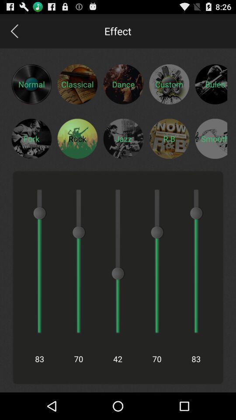 This screenshot has height=420, width=236. What do you see at coordinates (31, 148) in the screenshot?
I see `the avatar icon` at bounding box center [31, 148].